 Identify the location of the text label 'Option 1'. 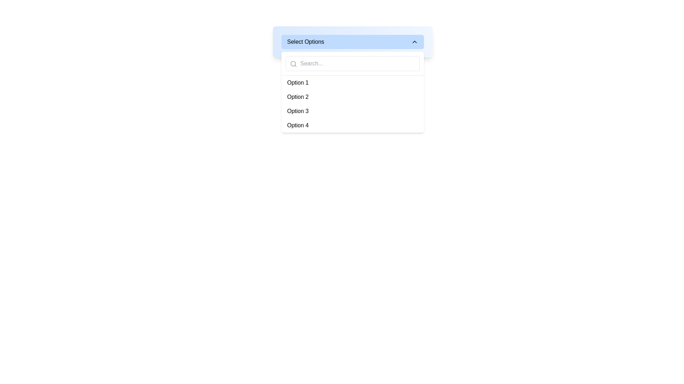
(298, 82).